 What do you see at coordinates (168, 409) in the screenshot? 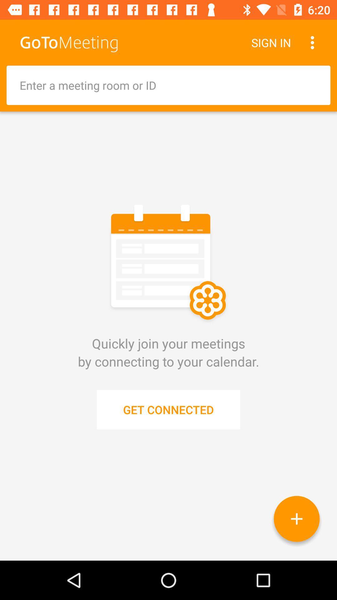
I see `the get connected icon` at bounding box center [168, 409].